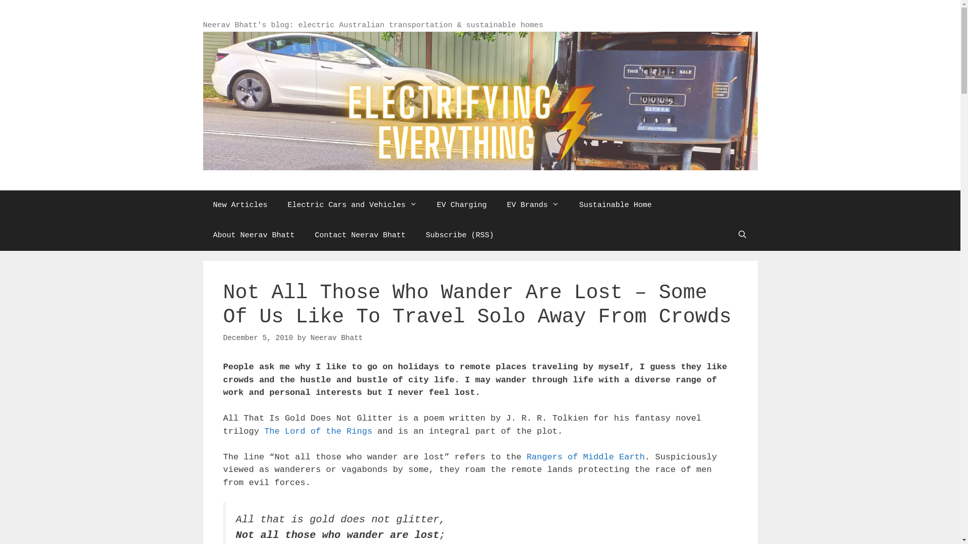 The width and height of the screenshot is (968, 544). What do you see at coordinates (360, 235) in the screenshot?
I see `'Contact Neerav Bhatt'` at bounding box center [360, 235].